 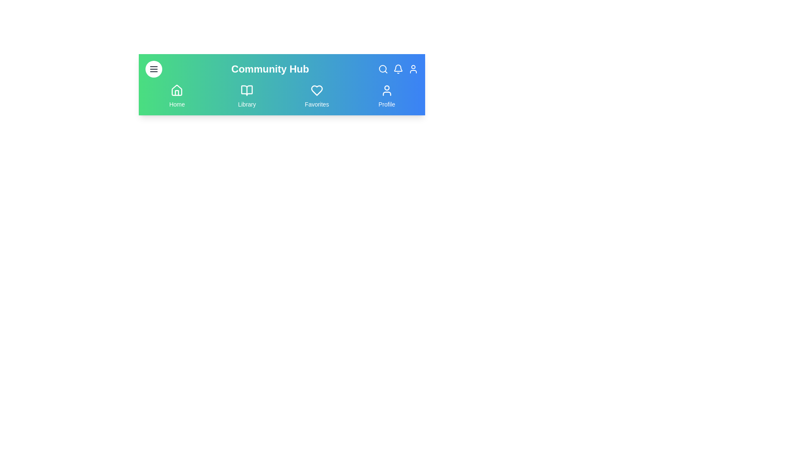 What do you see at coordinates (398, 69) in the screenshot?
I see `the Notifications icon in the top right of the navigation bar` at bounding box center [398, 69].